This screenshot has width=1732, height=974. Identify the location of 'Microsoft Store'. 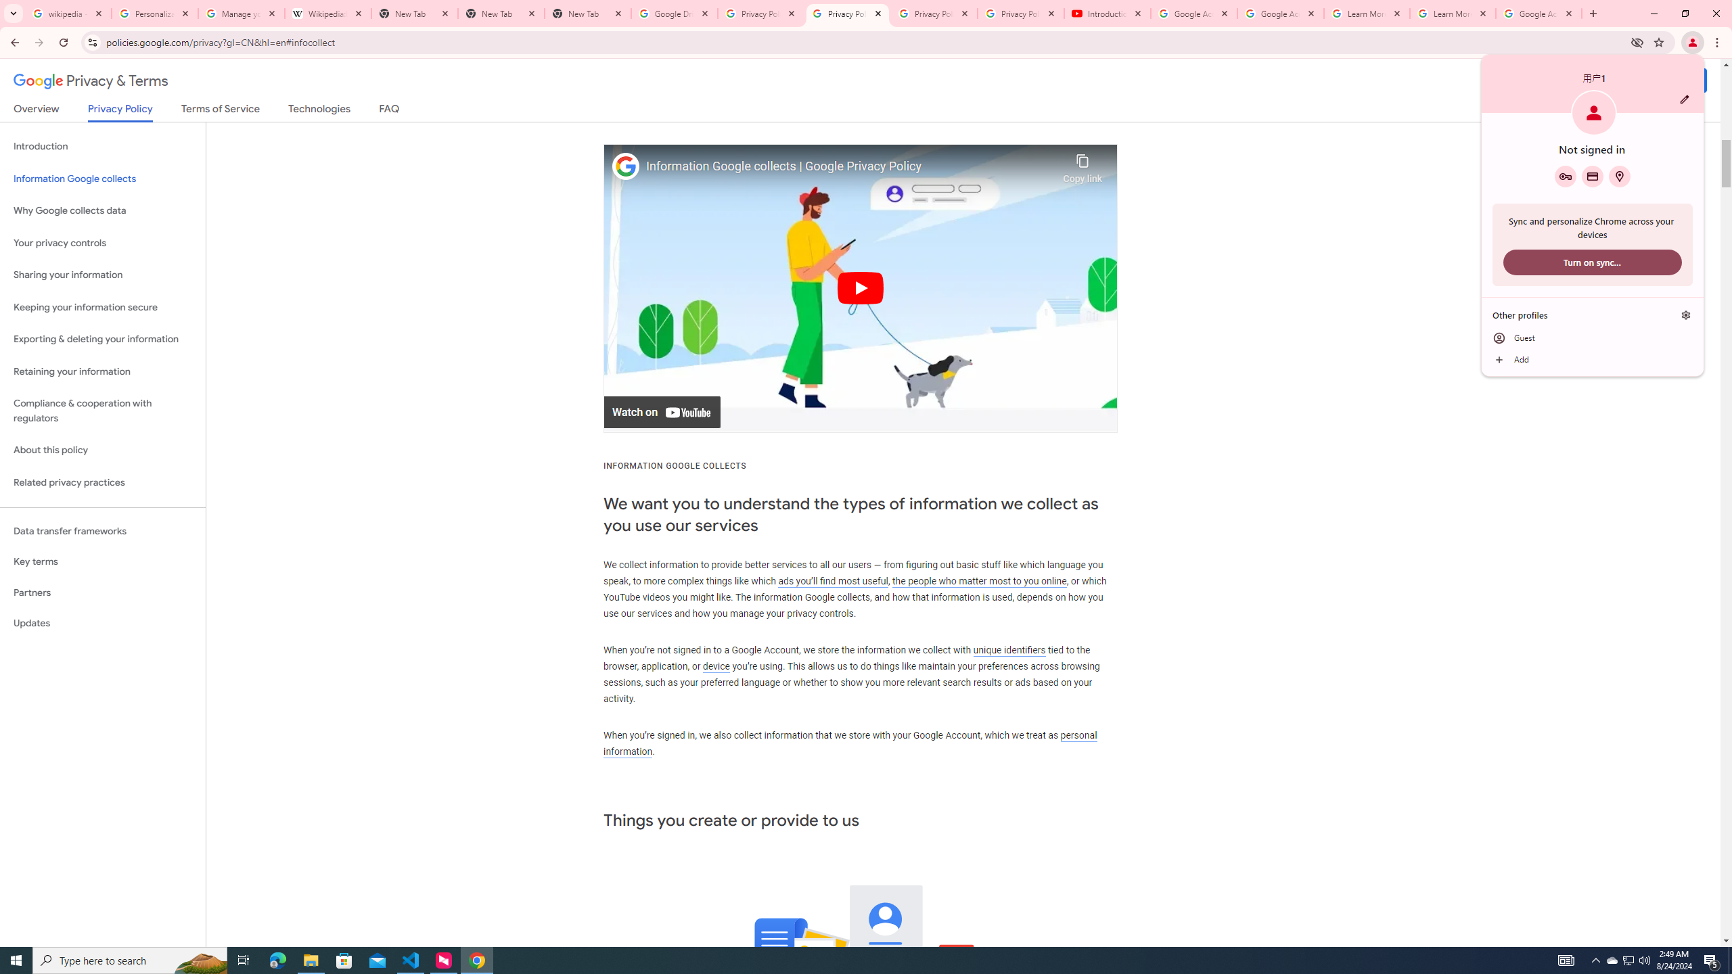
(344, 959).